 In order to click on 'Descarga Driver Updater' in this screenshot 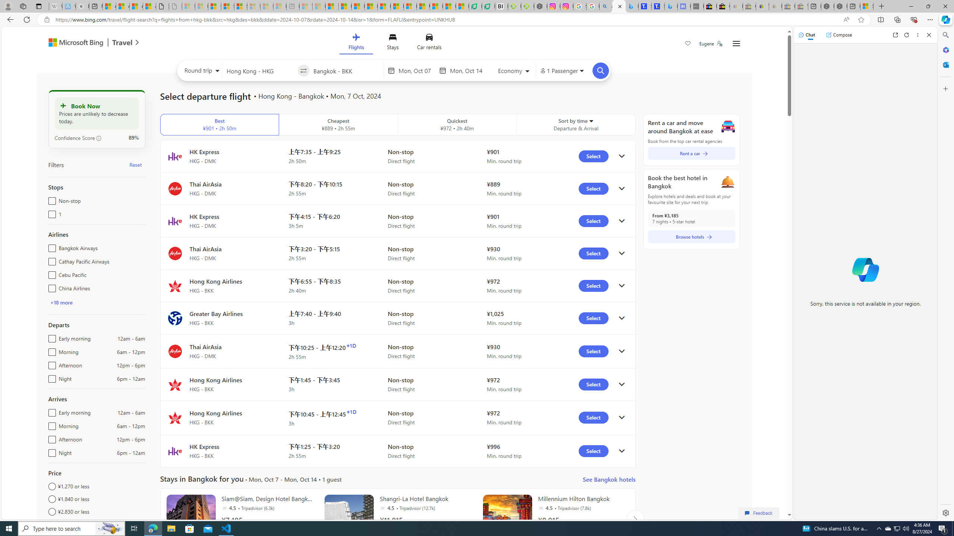, I will do `click(527, 6)`.